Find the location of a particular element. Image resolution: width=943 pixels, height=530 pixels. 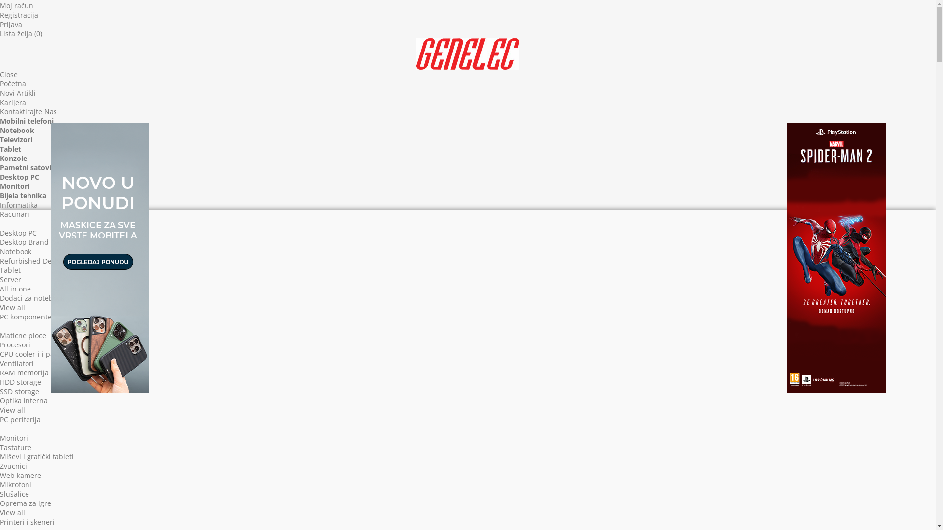

'Kontaktirajte Nas' is located at coordinates (28, 111).